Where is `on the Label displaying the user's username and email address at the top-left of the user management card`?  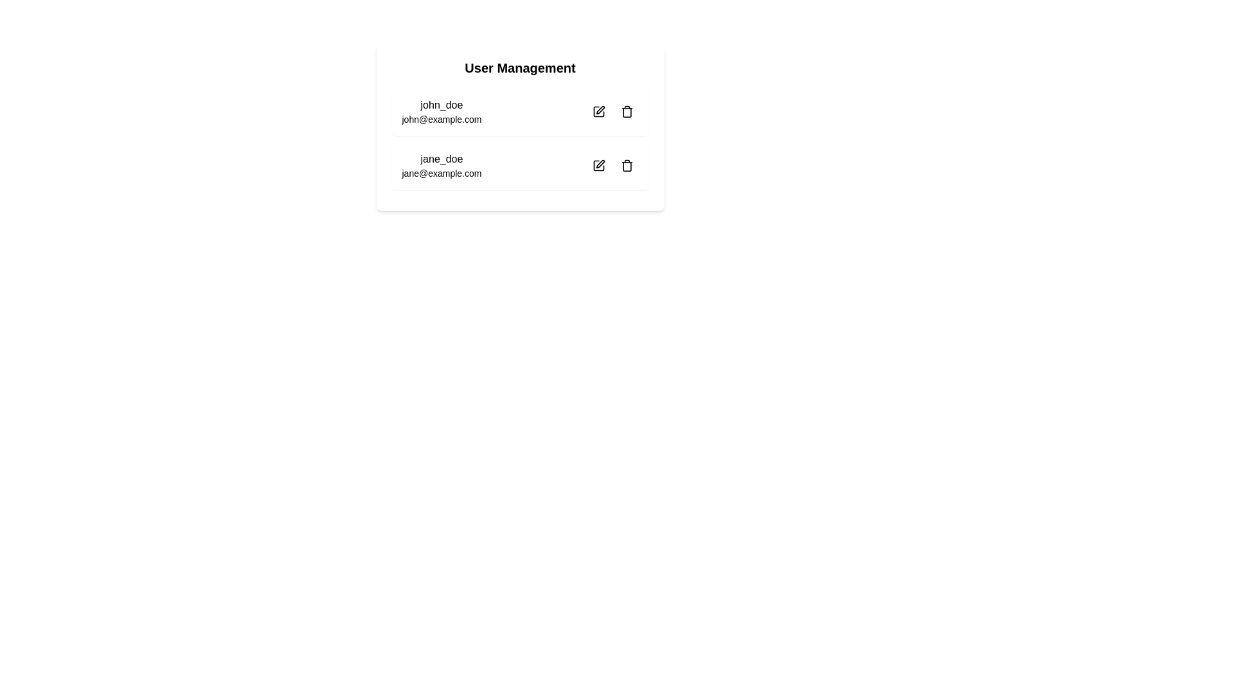 on the Label displaying the user's username and email address at the top-left of the user management card is located at coordinates (442, 111).